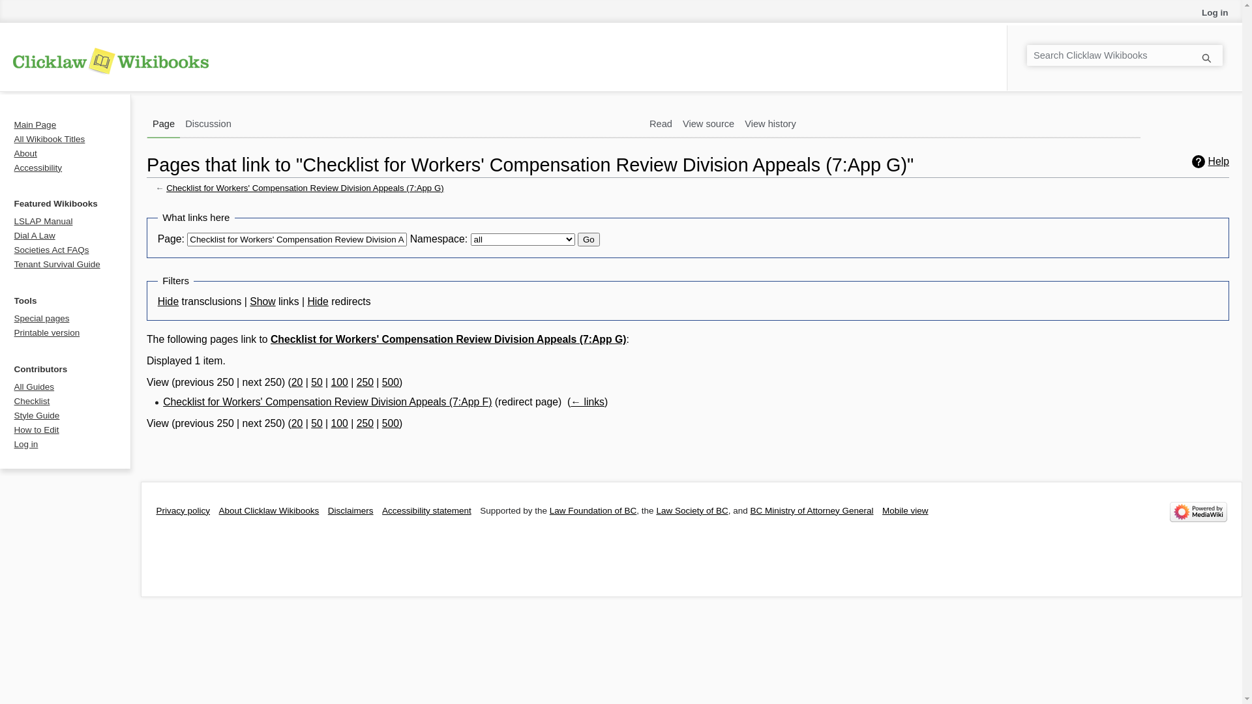  Describe the element at coordinates (1205, 57) in the screenshot. I see `'Go'` at that location.